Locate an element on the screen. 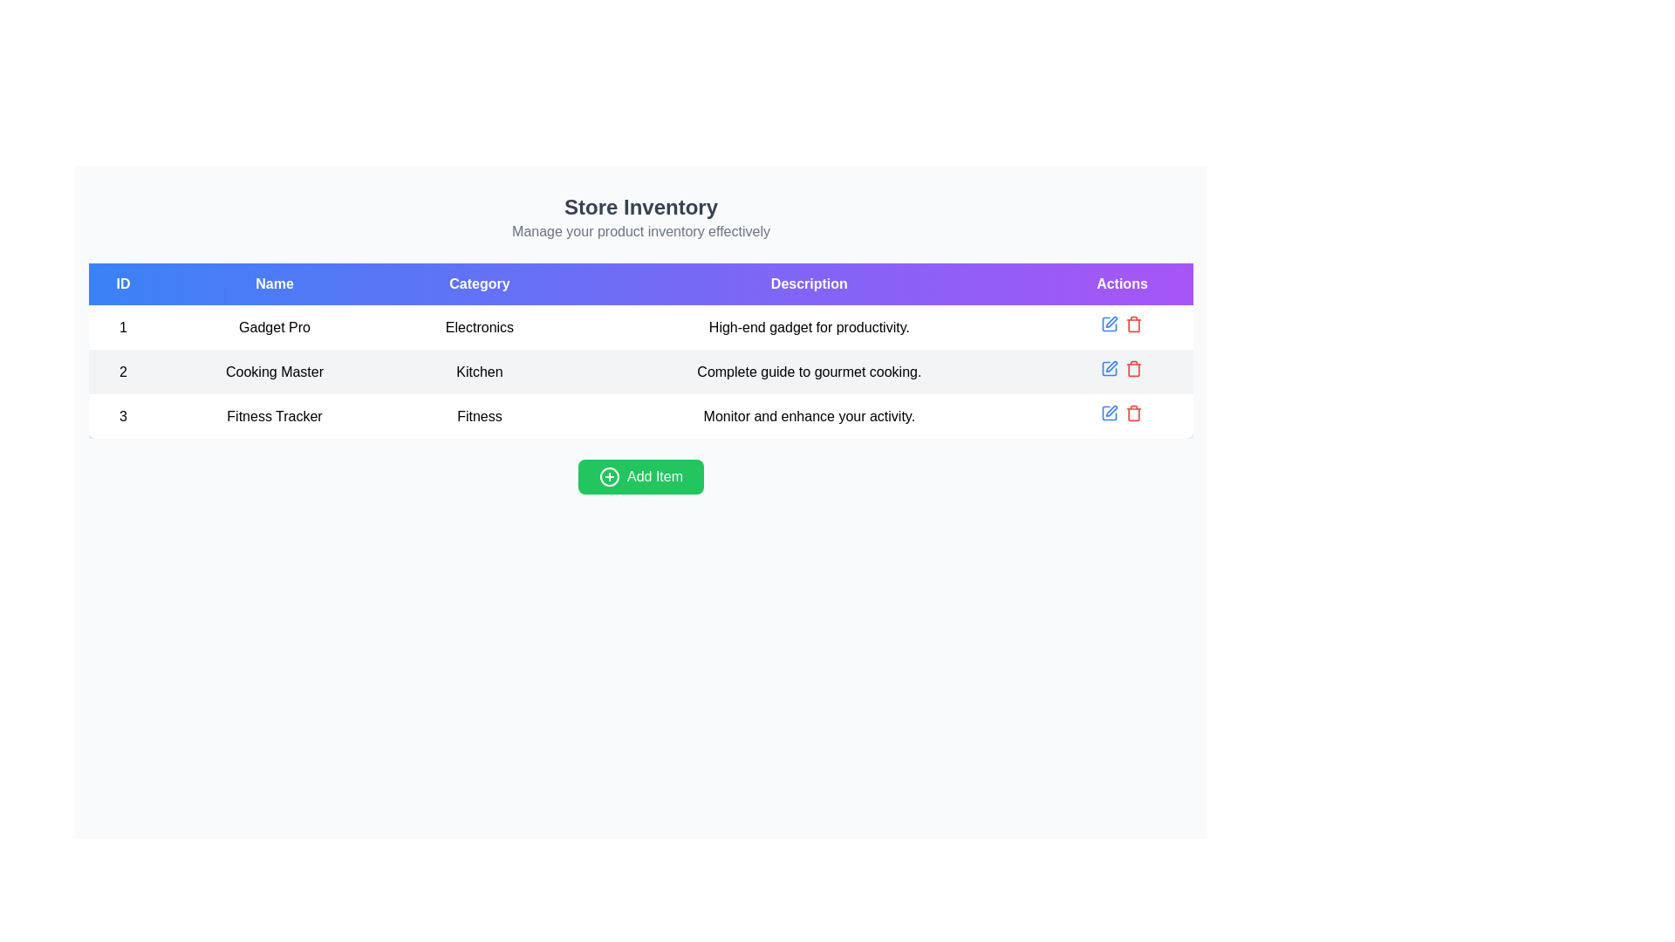 The height and width of the screenshot is (942, 1675). supplementary text located directly beneath the 'Store Inventory' header, which provides context on managing the product inventory is located at coordinates (639, 231).